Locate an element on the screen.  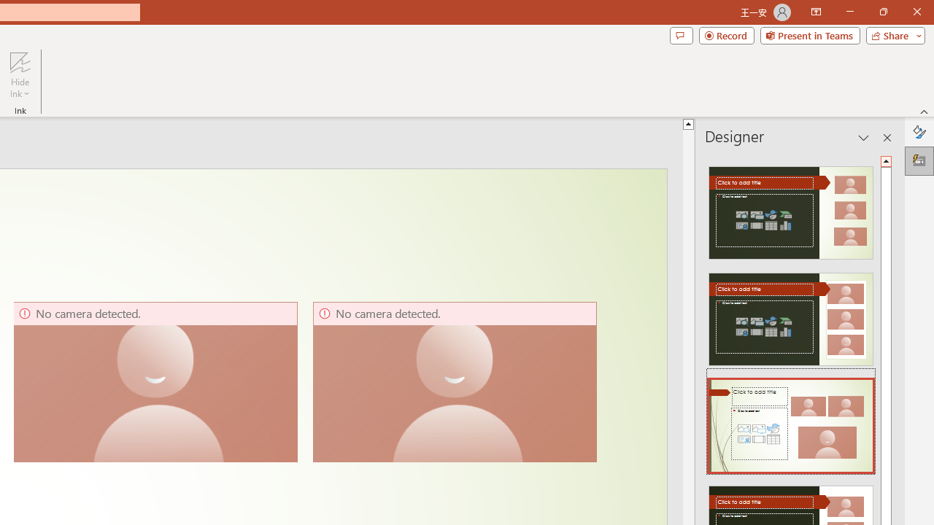
'Camera 3, No camera detected.' is located at coordinates (454, 381).